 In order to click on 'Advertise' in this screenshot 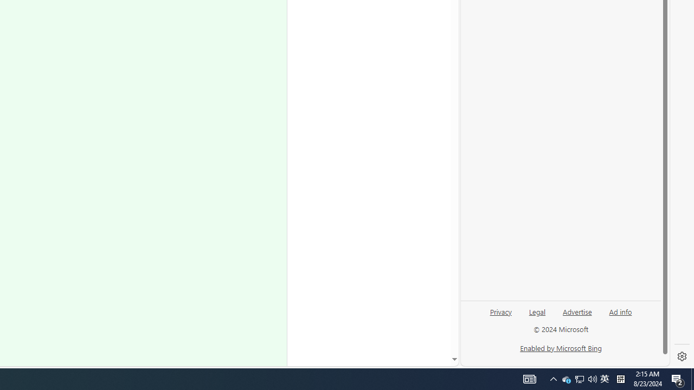, I will do `click(576, 311)`.